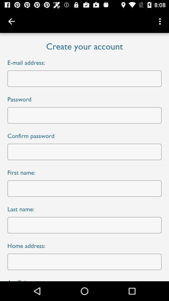  I want to click on the first name field, so click(84, 188).